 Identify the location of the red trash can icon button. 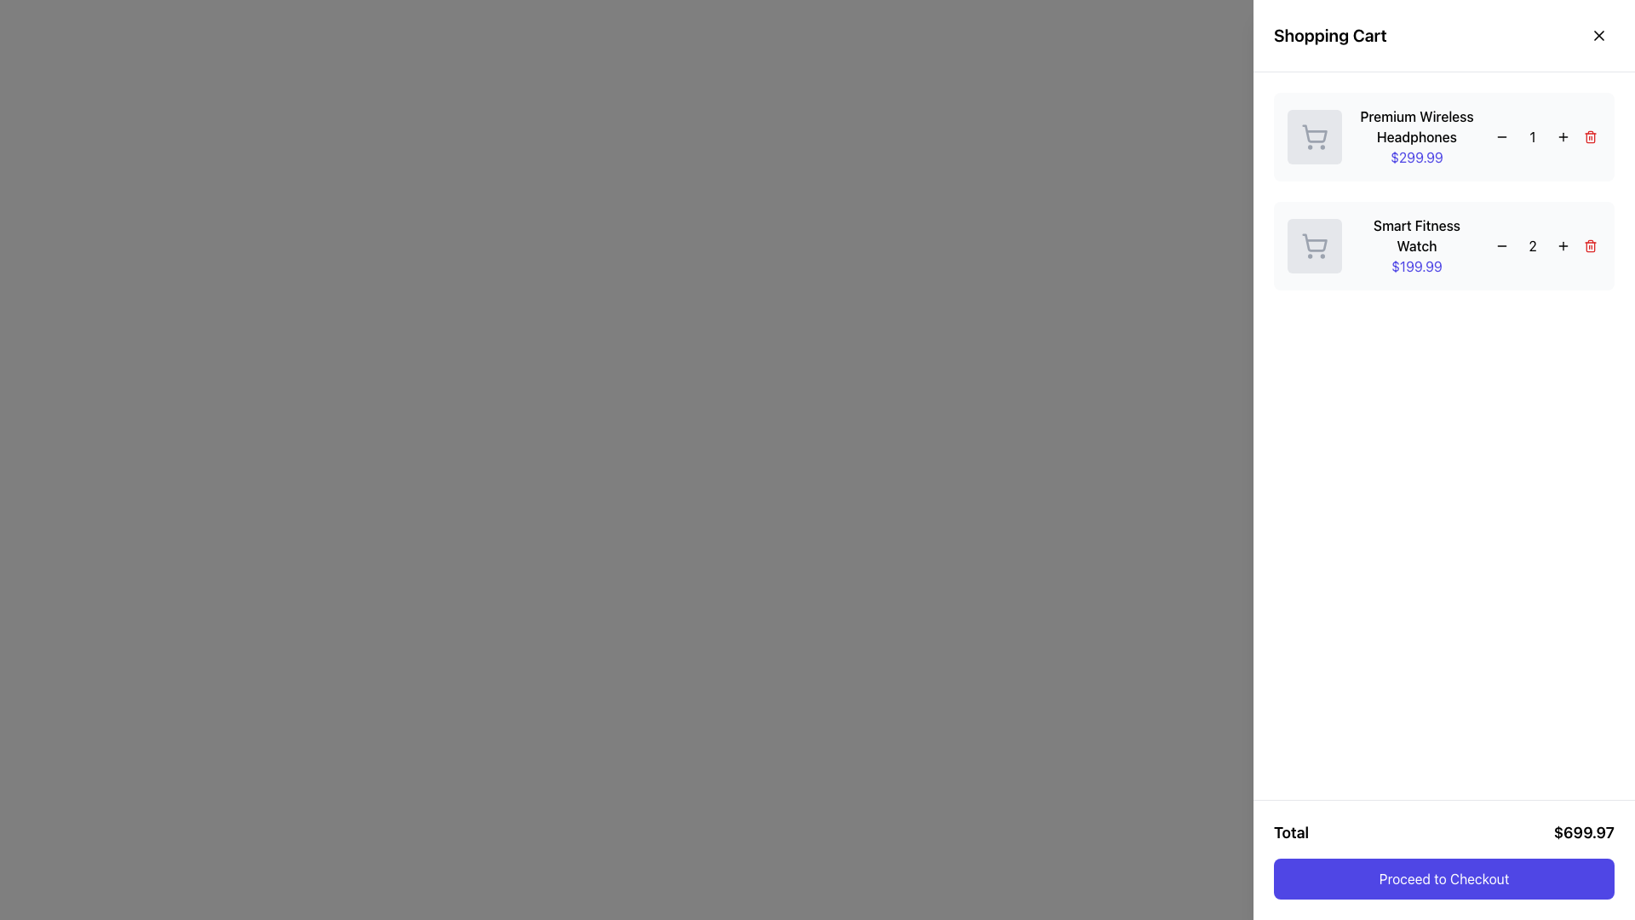
(1589, 246).